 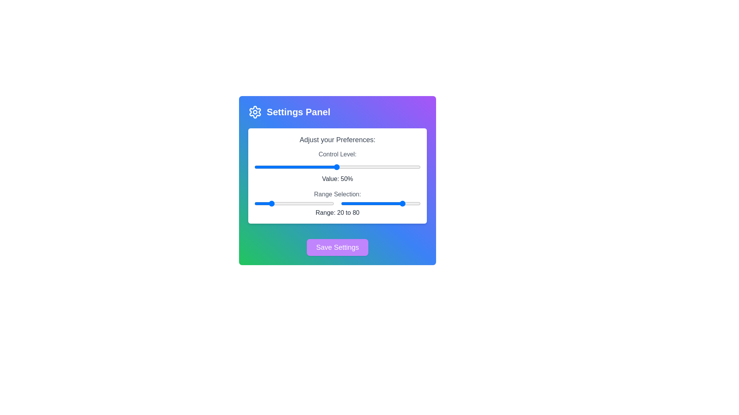 What do you see at coordinates (338, 167) in the screenshot?
I see `the track of the horizontal slider with a gradient from green to purple, located below the text 'Control Level:' and above 'Value: 50%', to set a value` at bounding box center [338, 167].